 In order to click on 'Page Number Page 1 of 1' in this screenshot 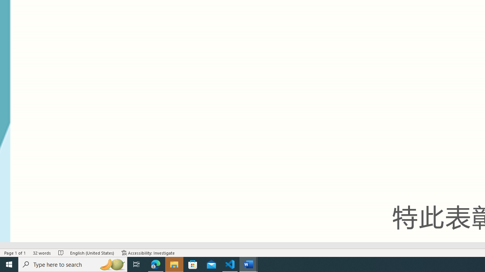, I will do `click(15, 253)`.